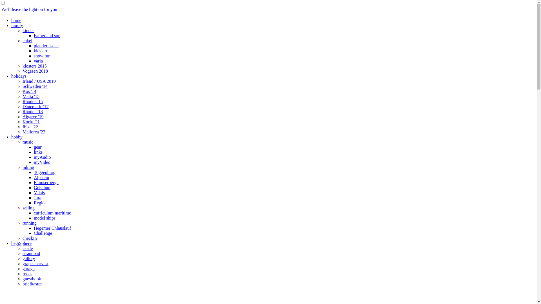 This screenshot has height=304, width=541. Describe the element at coordinates (38, 61) in the screenshot. I see `'varia'` at that location.